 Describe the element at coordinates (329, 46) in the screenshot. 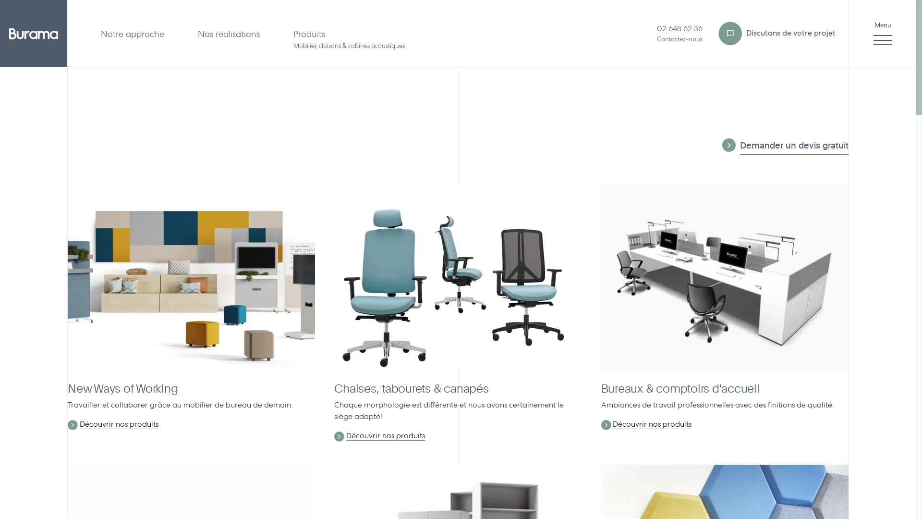

I see `'cloisons'` at that location.